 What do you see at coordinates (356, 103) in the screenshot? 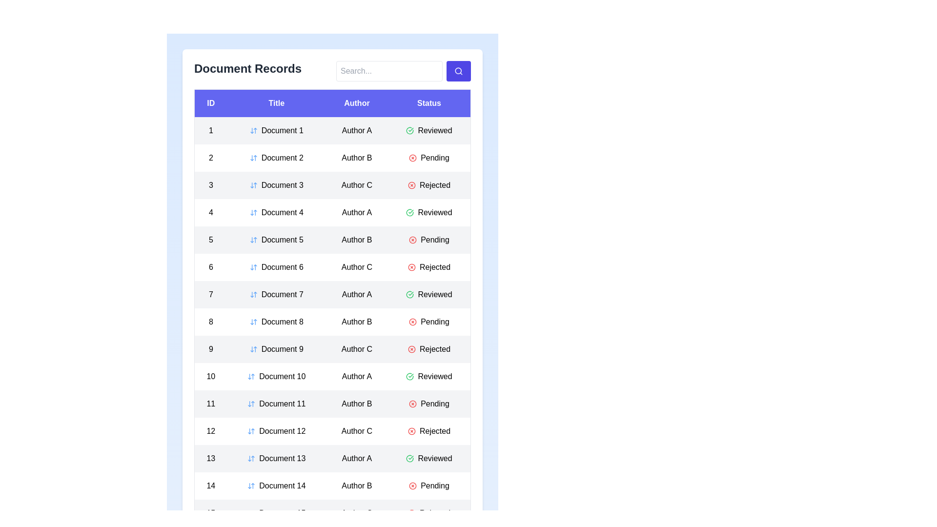
I see `the column header to sort the table by Author` at bounding box center [356, 103].